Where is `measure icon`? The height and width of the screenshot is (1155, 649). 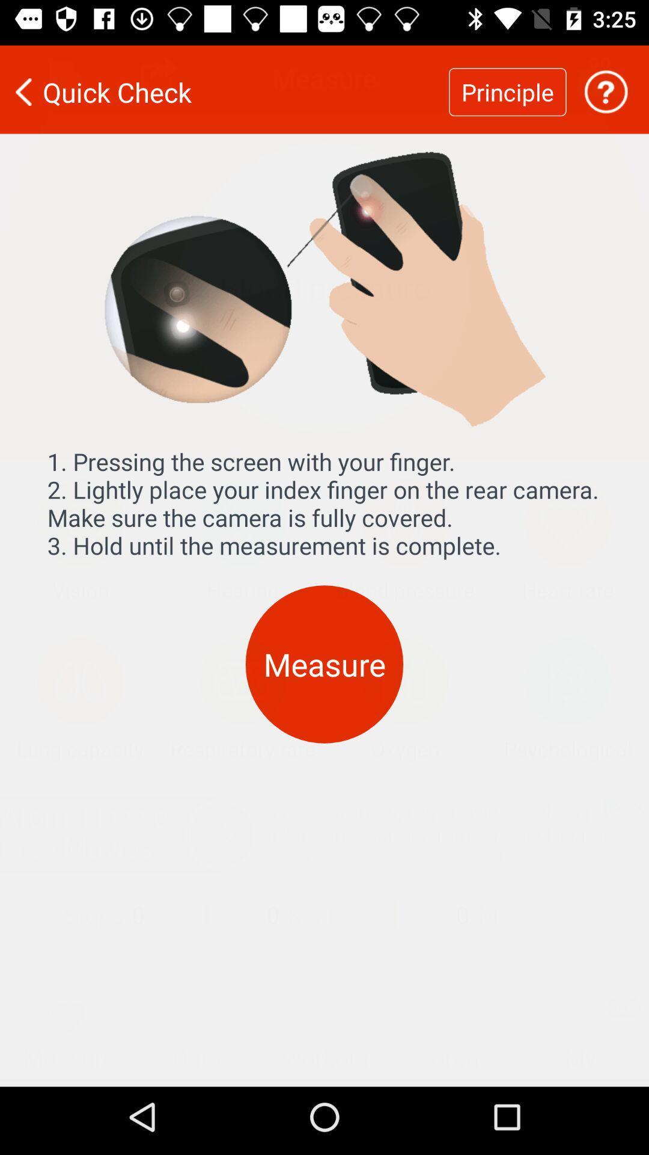 measure icon is located at coordinates (324, 656).